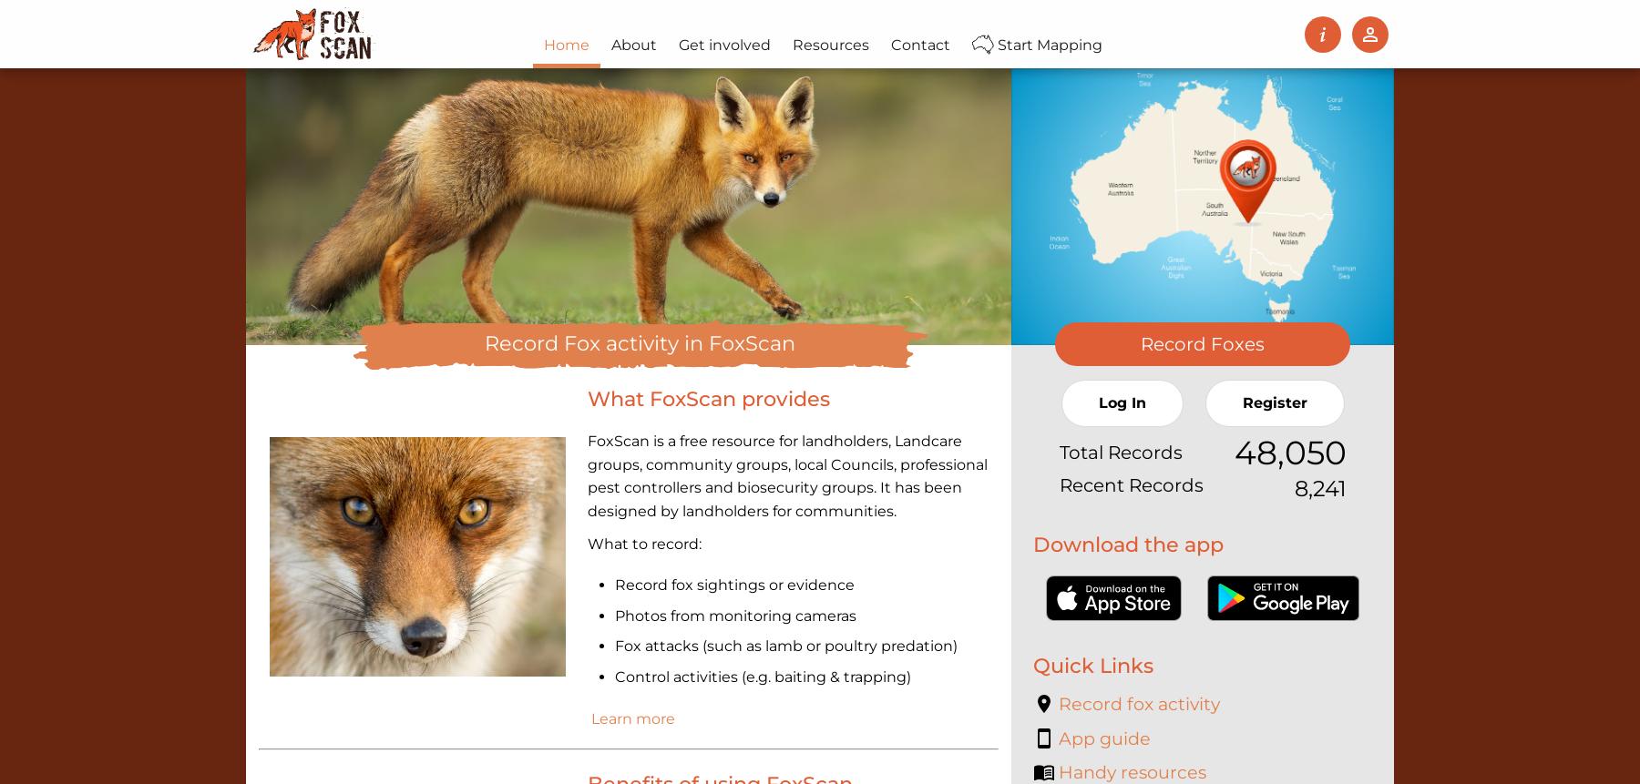  I want to click on 'What FoxScan provides', so click(707, 397).